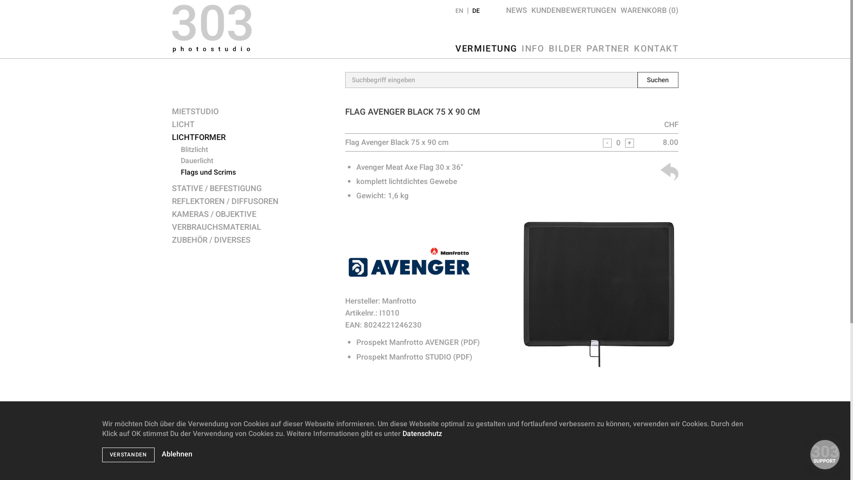  Describe the element at coordinates (459, 11) in the screenshot. I see `'EN'` at that location.